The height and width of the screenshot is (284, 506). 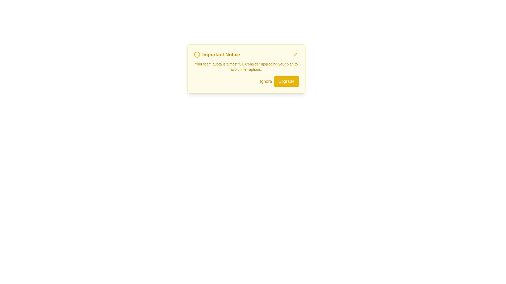 I want to click on the text header located in the upper-left section of the dialog box, next to the circular 'i' icon, so click(x=217, y=55).